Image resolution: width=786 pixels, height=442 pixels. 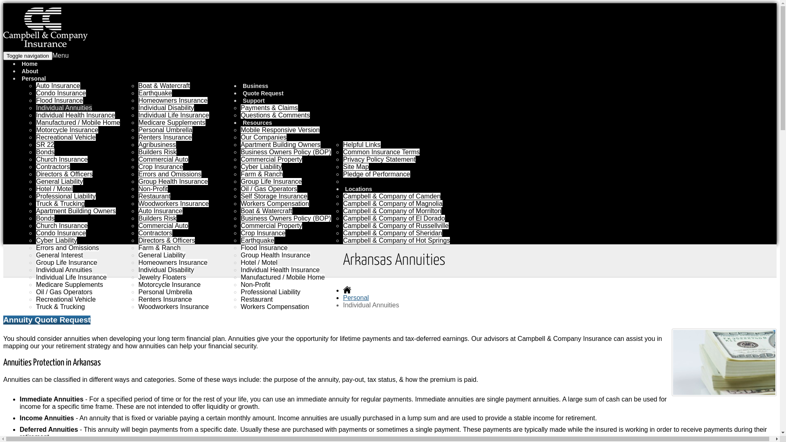 I want to click on 'Personal Umbrella', so click(x=165, y=129).